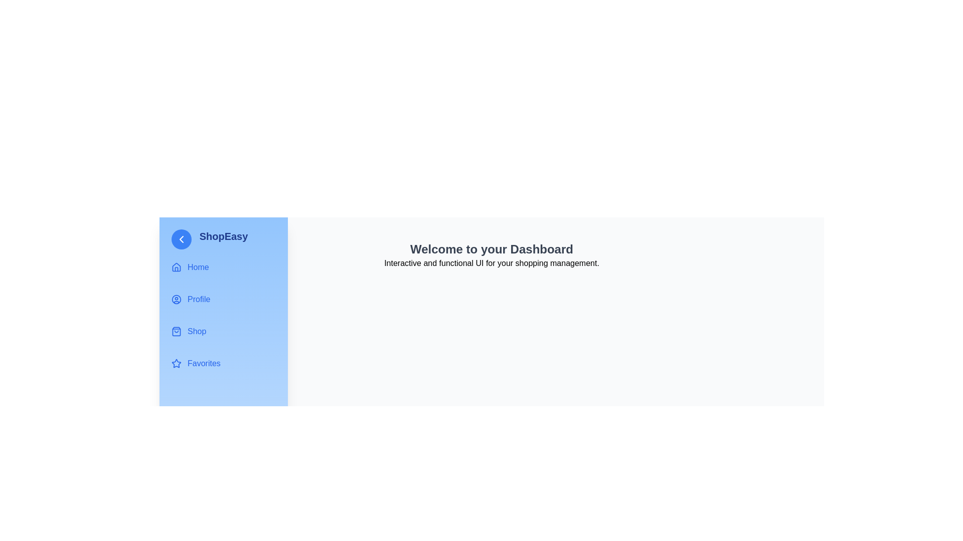 This screenshot has height=541, width=963. What do you see at coordinates (176, 266) in the screenshot?
I see `the blue house icon in the navigation menu located on the left sidebar` at bounding box center [176, 266].